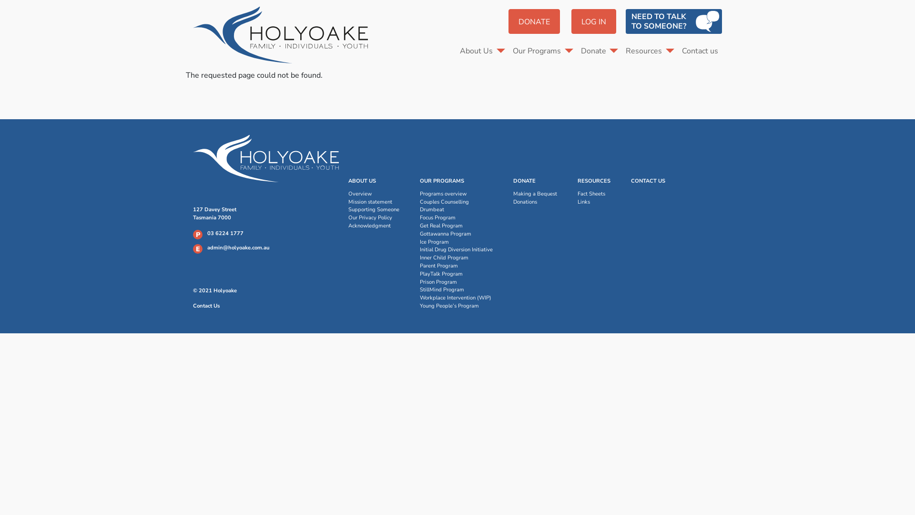 This screenshot has width=915, height=515. What do you see at coordinates (373, 209) in the screenshot?
I see `'Supporting Someone'` at bounding box center [373, 209].